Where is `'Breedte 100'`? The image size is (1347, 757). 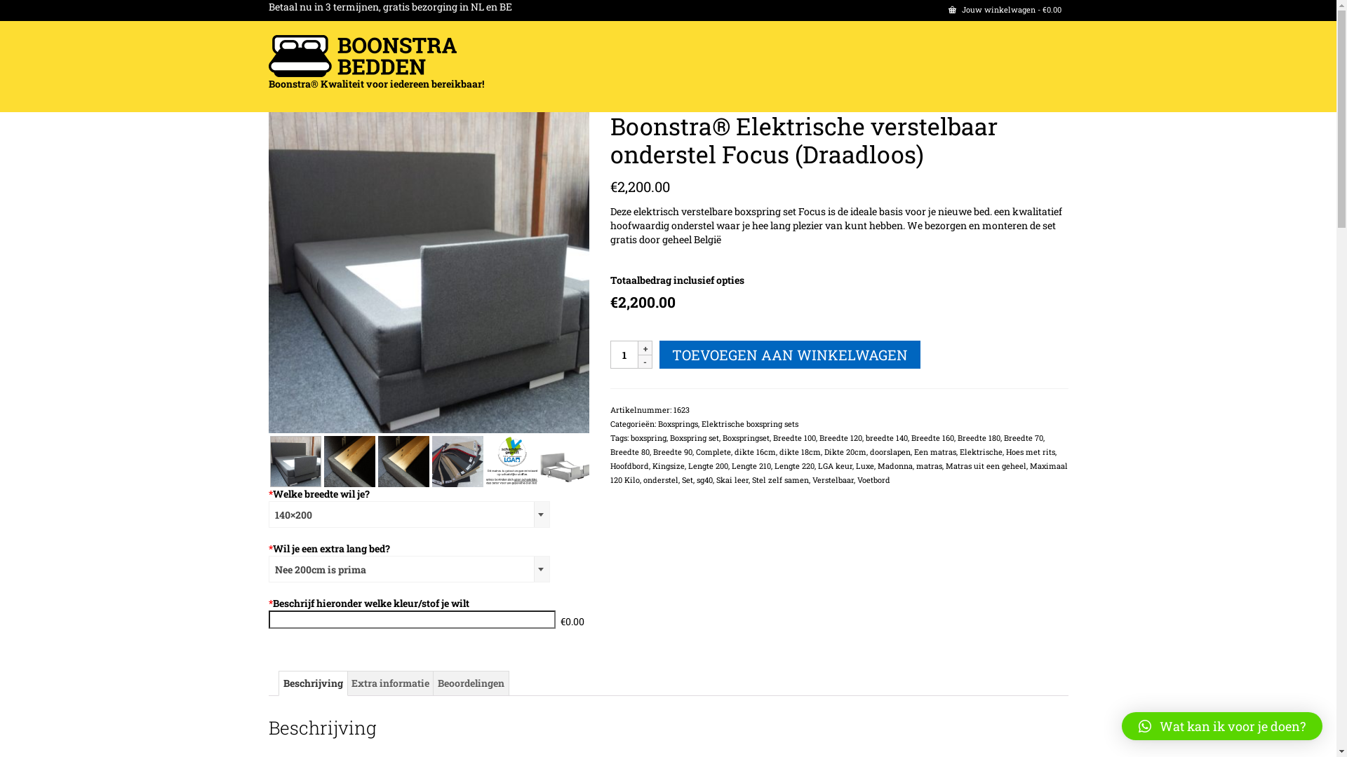 'Breedte 100' is located at coordinates (794, 437).